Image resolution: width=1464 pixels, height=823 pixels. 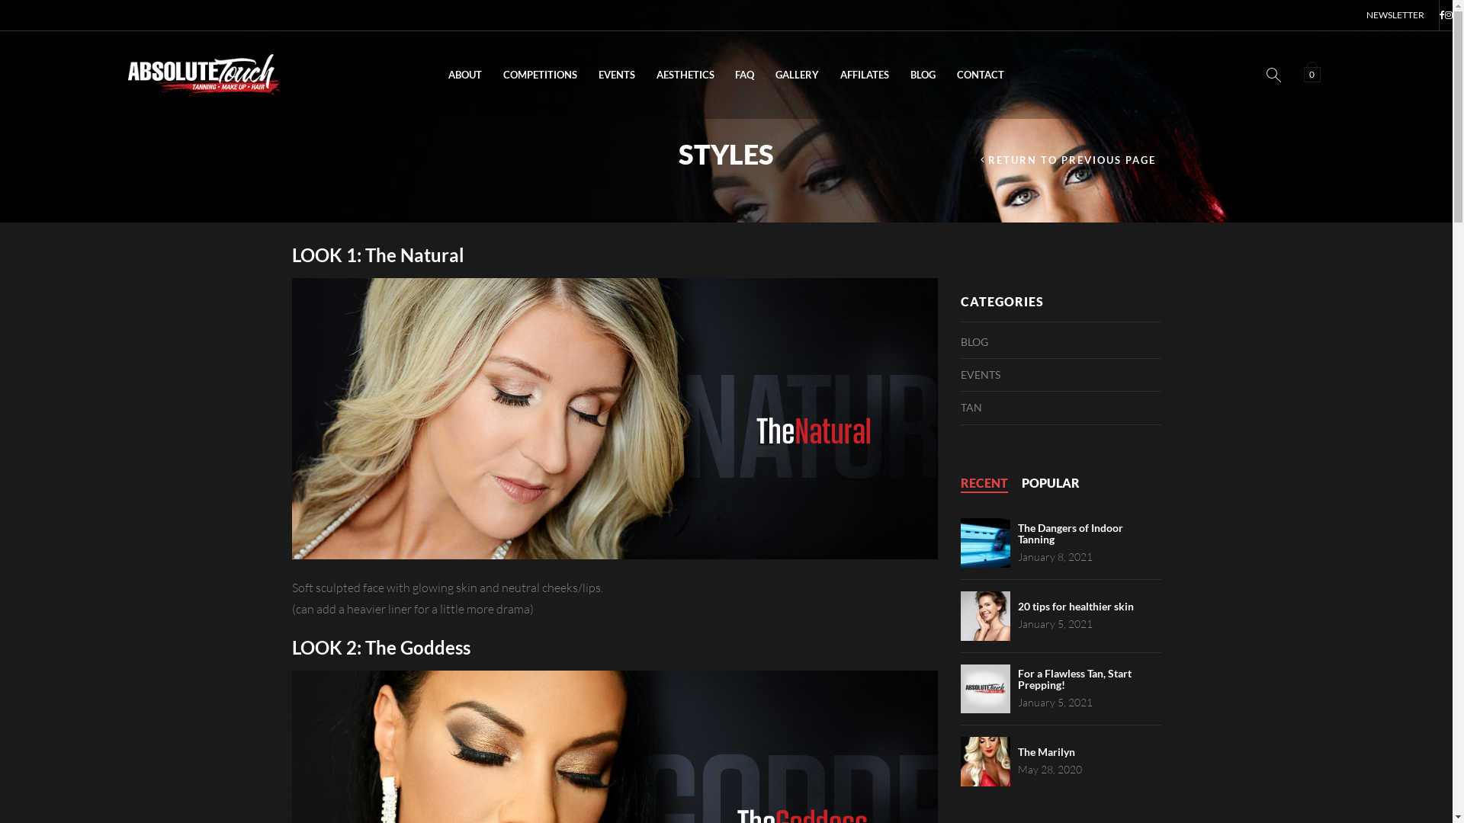 I want to click on '20 tips for healthier skin', so click(x=1075, y=605).